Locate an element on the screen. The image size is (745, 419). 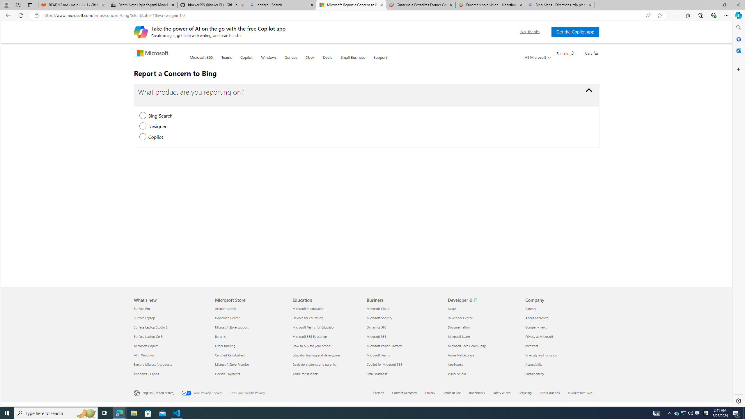
'Safety & eco' is located at coordinates (502, 392).